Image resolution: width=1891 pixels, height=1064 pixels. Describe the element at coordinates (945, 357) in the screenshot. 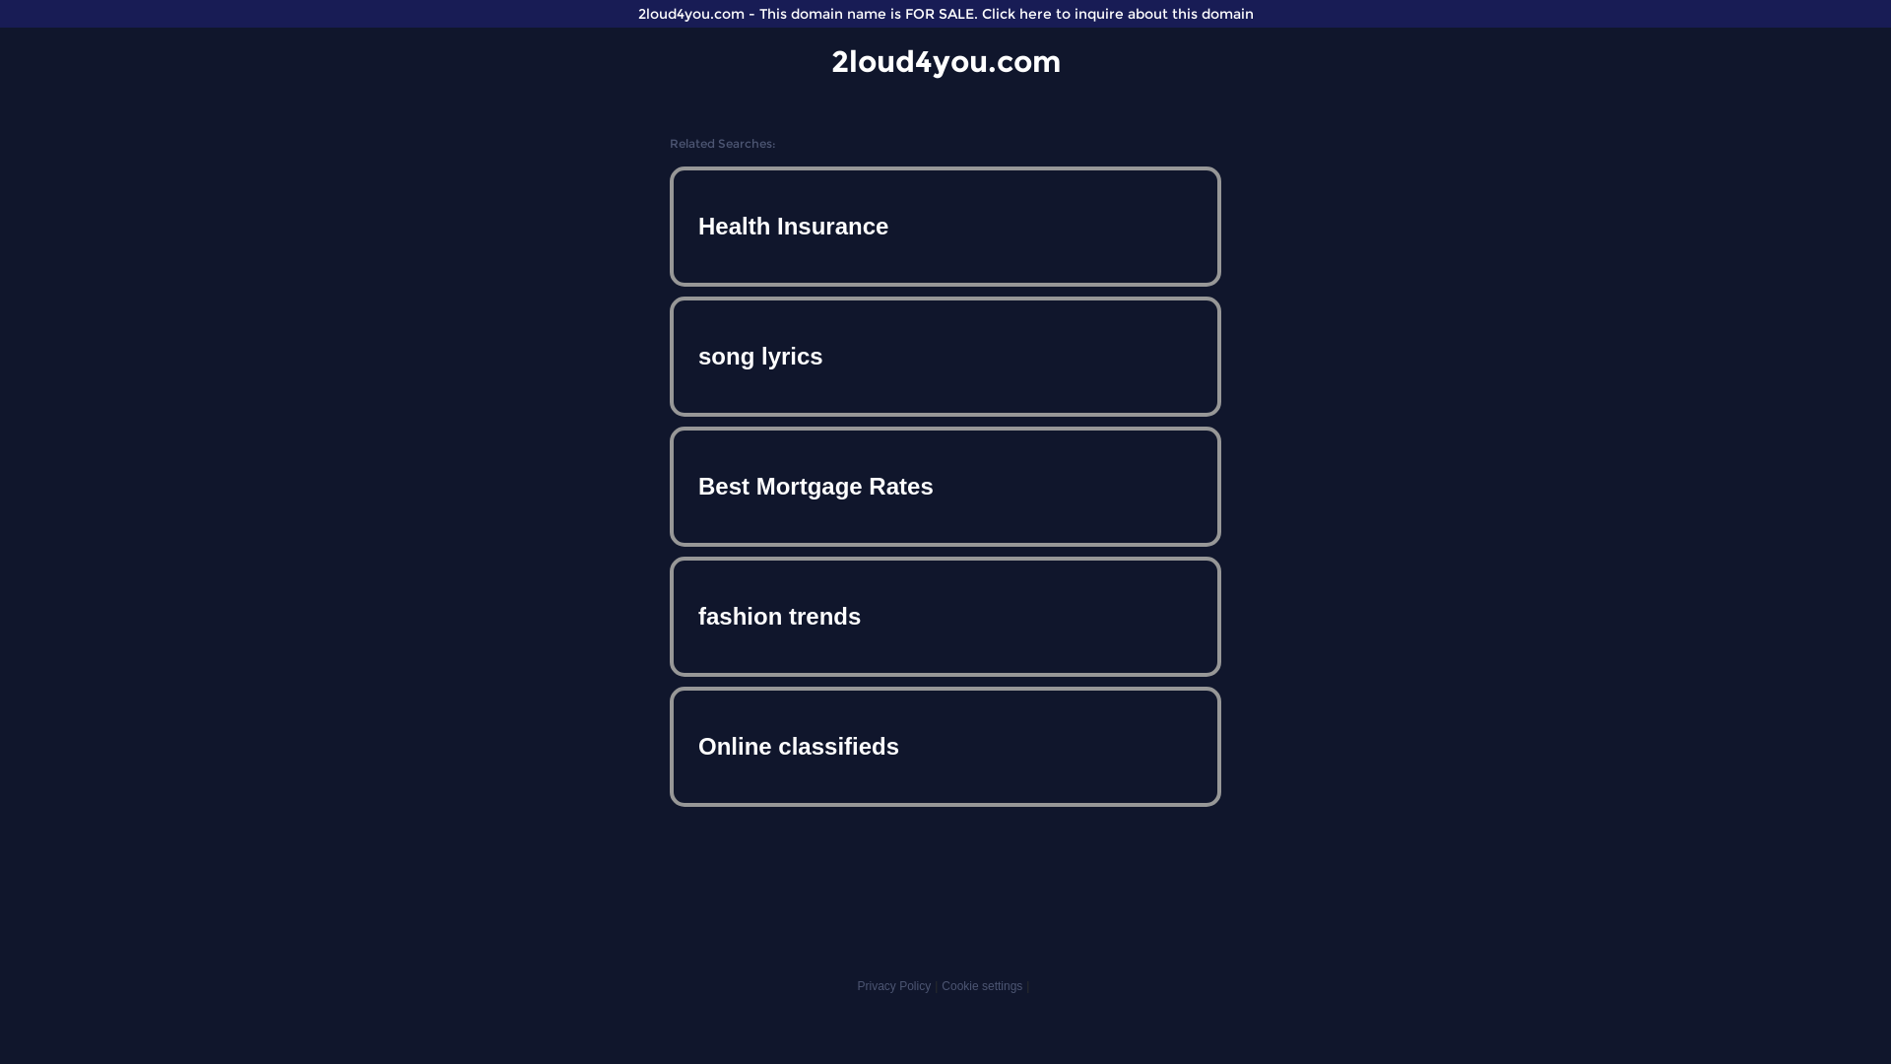

I see `'song lyrics'` at that location.